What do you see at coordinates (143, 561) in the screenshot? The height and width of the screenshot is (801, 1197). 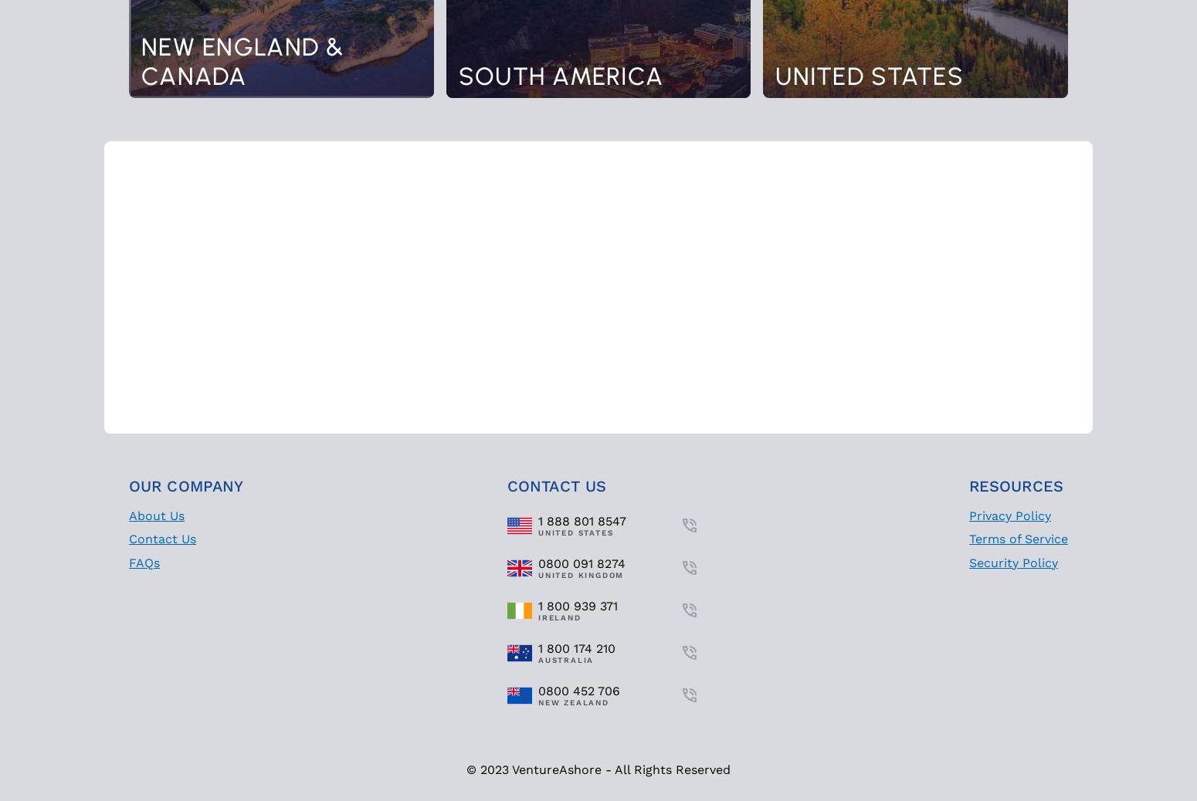 I see `'FAQs'` at bounding box center [143, 561].